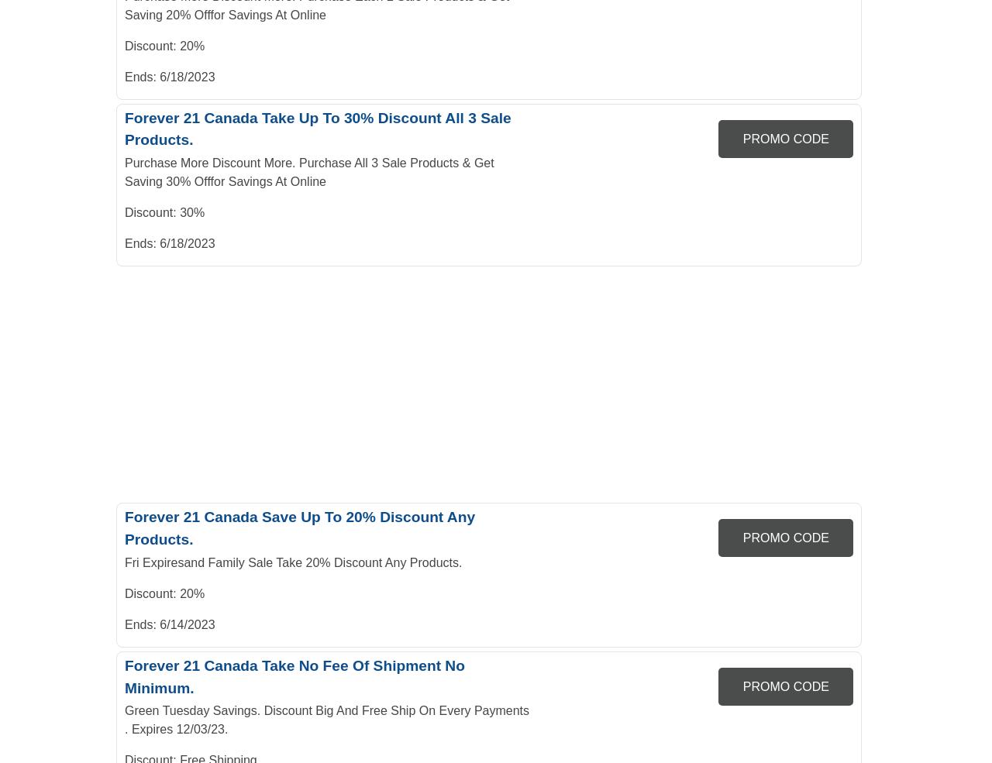 The height and width of the screenshot is (763, 992). I want to click on 'Discount: 30%', so click(164, 211).